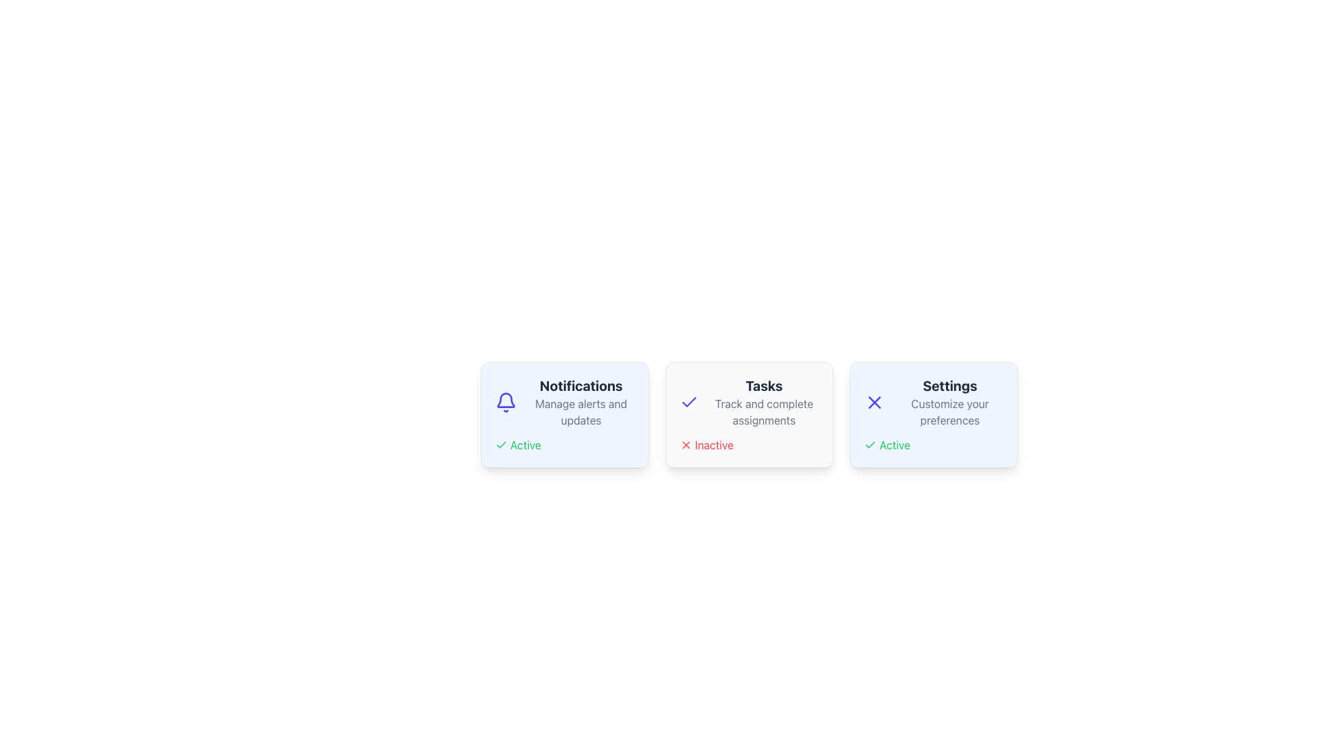 This screenshot has height=742, width=1319. What do you see at coordinates (763, 412) in the screenshot?
I see `the static text label that reads 'Track and complete assignments,' which is styled in gray and positioned beneath the header 'Tasks.'` at bounding box center [763, 412].